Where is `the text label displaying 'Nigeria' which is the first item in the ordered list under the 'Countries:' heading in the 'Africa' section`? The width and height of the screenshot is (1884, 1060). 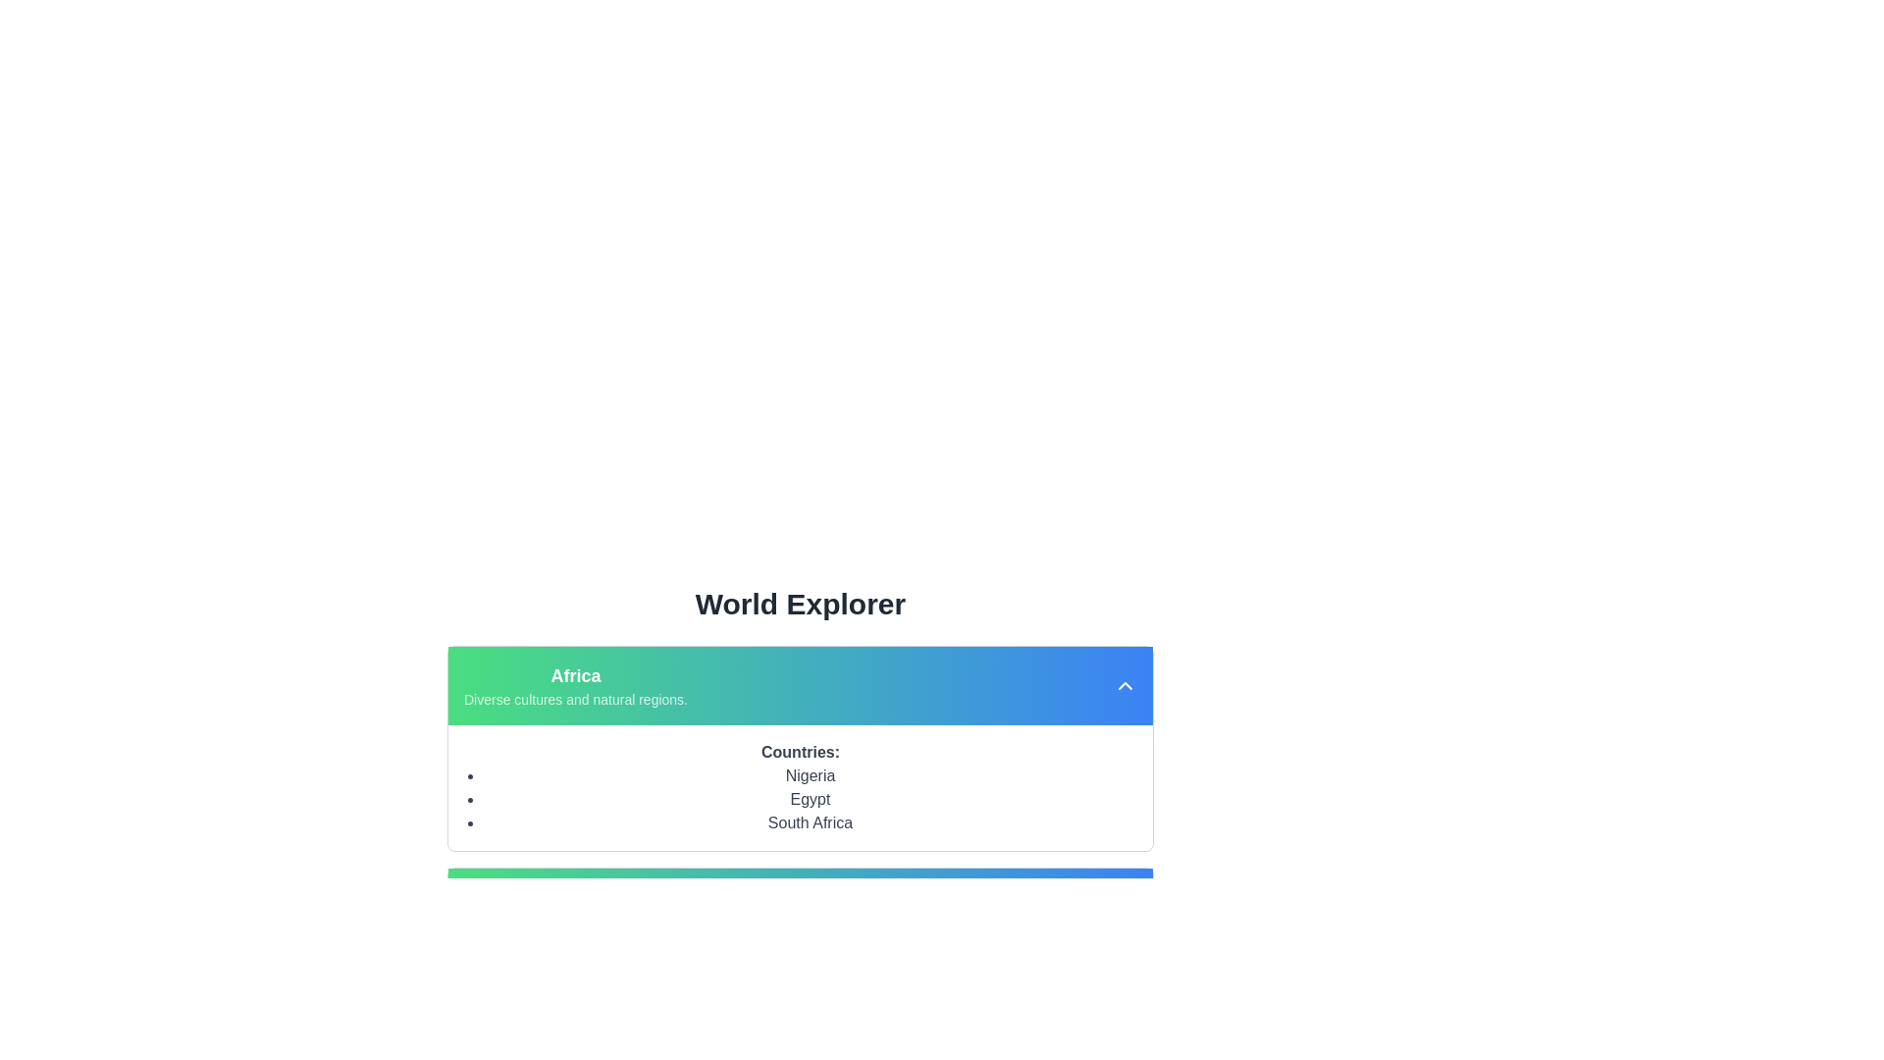
the text label displaying 'Nigeria' which is the first item in the ordered list under the 'Countries:' heading in the 'Africa' section is located at coordinates (810, 774).